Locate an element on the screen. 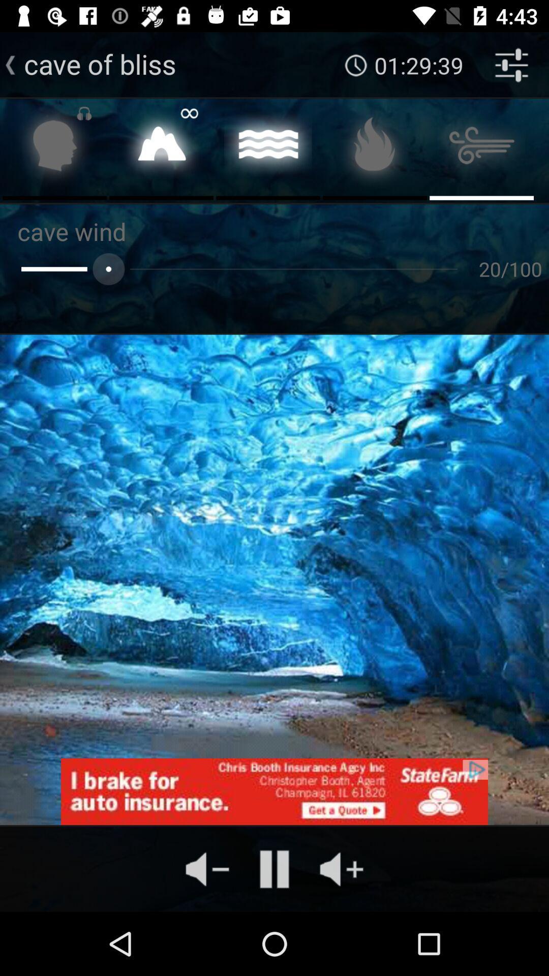 The height and width of the screenshot is (976, 549). advantisment is located at coordinates (274, 791).